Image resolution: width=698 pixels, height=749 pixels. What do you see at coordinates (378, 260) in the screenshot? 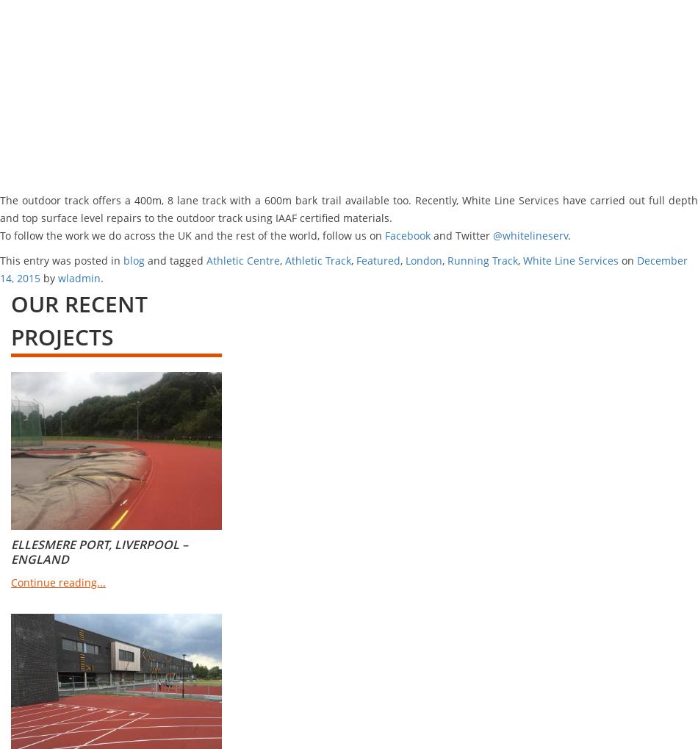
I see `'Featured'` at bounding box center [378, 260].